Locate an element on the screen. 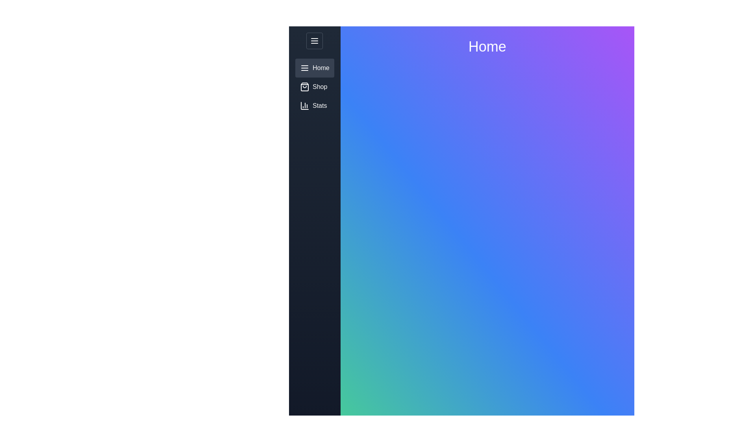 This screenshot has width=756, height=425. the menu button to toggle the menu open or closed is located at coordinates (314, 41).